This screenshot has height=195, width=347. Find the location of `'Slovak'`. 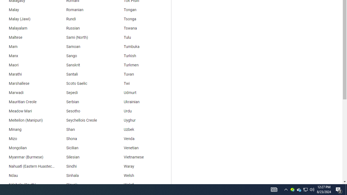

'Slovak' is located at coordinates (84, 184).